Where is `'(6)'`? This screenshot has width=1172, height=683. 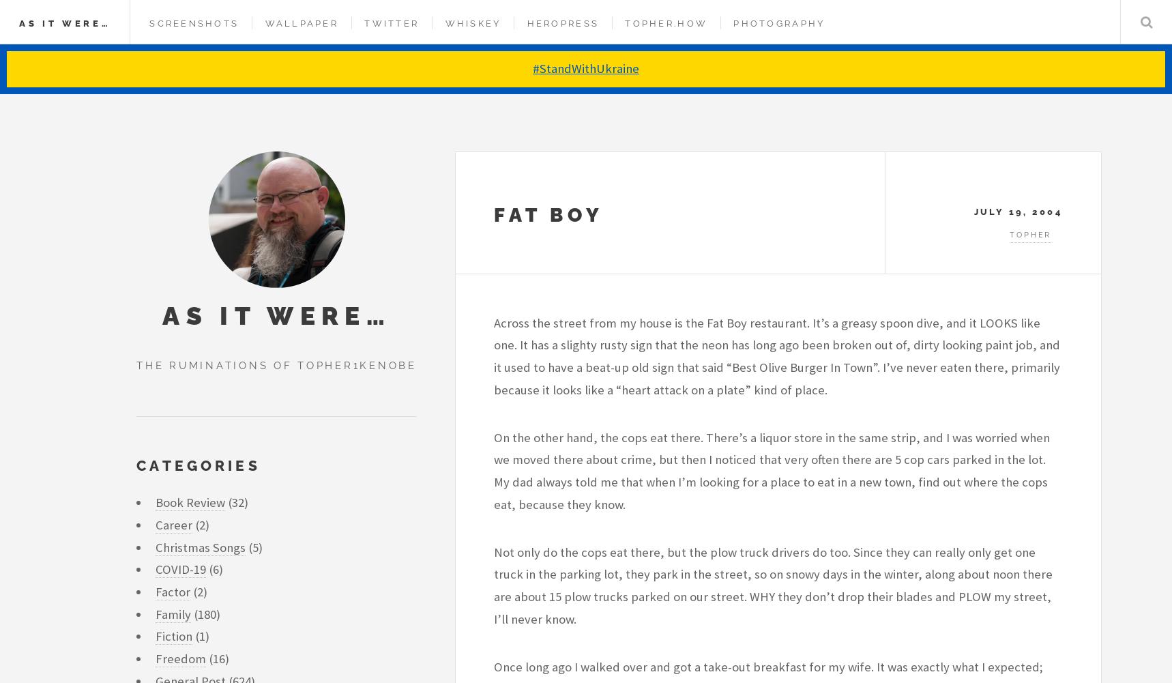
'(6)' is located at coordinates (214, 568).